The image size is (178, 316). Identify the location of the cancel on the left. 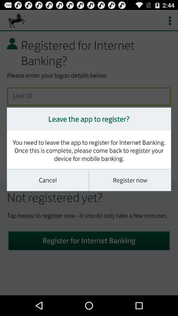
(47, 180).